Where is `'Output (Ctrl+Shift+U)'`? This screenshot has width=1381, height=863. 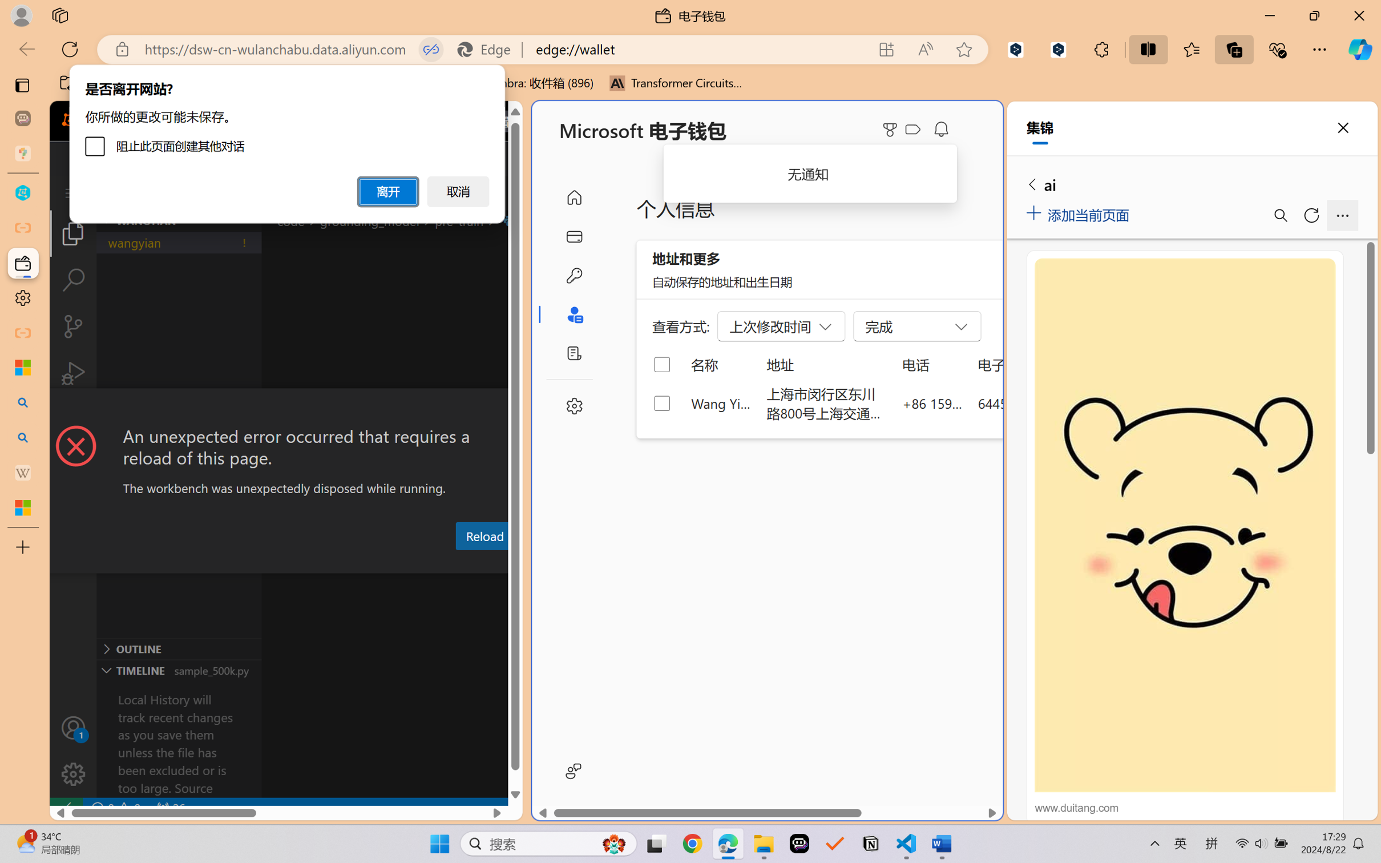
'Output (Ctrl+Shift+U)' is located at coordinates (375, 563).